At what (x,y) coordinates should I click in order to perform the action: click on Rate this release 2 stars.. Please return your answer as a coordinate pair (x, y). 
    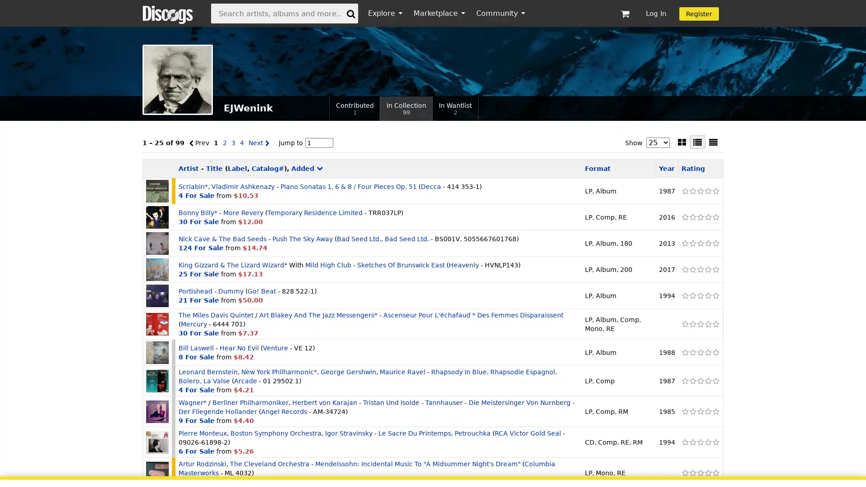
    Looking at the image, I should click on (692, 269).